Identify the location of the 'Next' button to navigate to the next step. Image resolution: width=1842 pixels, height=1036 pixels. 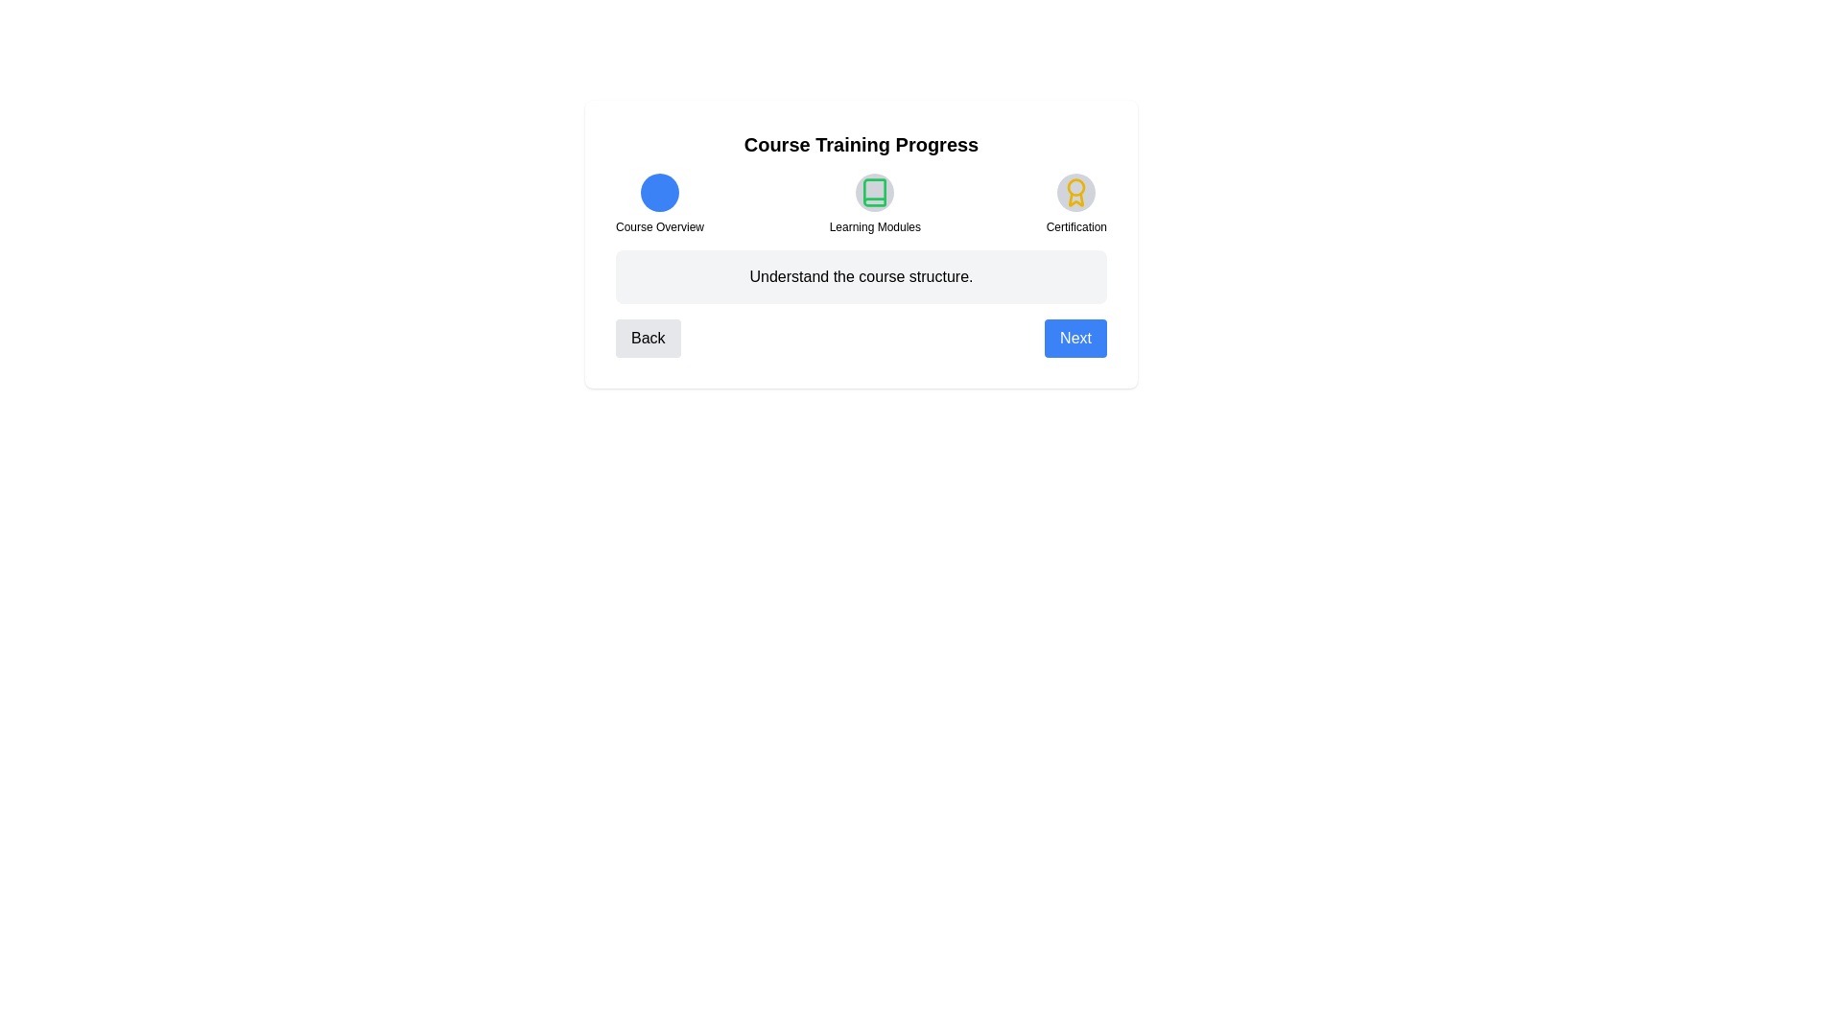
(1075, 338).